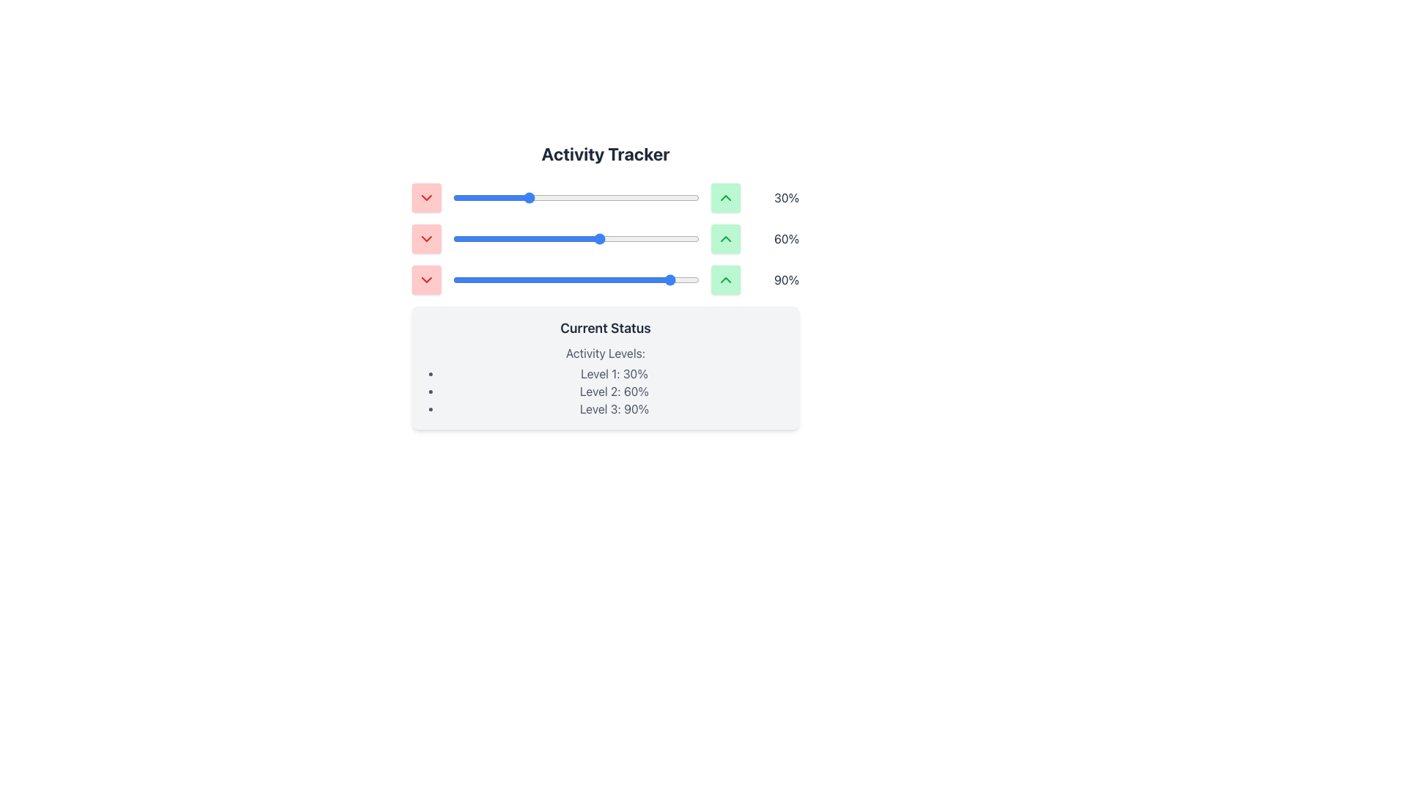 This screenshot has height=792, width=1408. Describe the element at coordinates (505, 279) in the screenshot. I see `the slider value` at that location.